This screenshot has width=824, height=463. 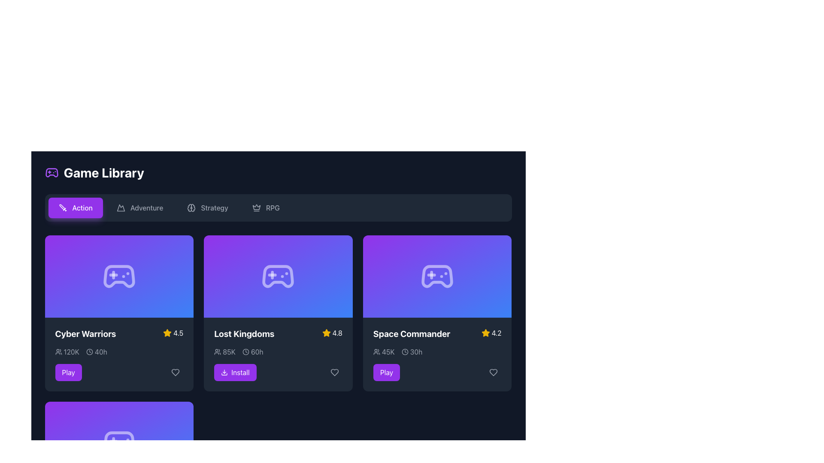 I want to click on the 'Install' button with a purple background and white text located in the bottom-right corner of the 'Lost Kingdoms' card, so click(x=235, y=372).